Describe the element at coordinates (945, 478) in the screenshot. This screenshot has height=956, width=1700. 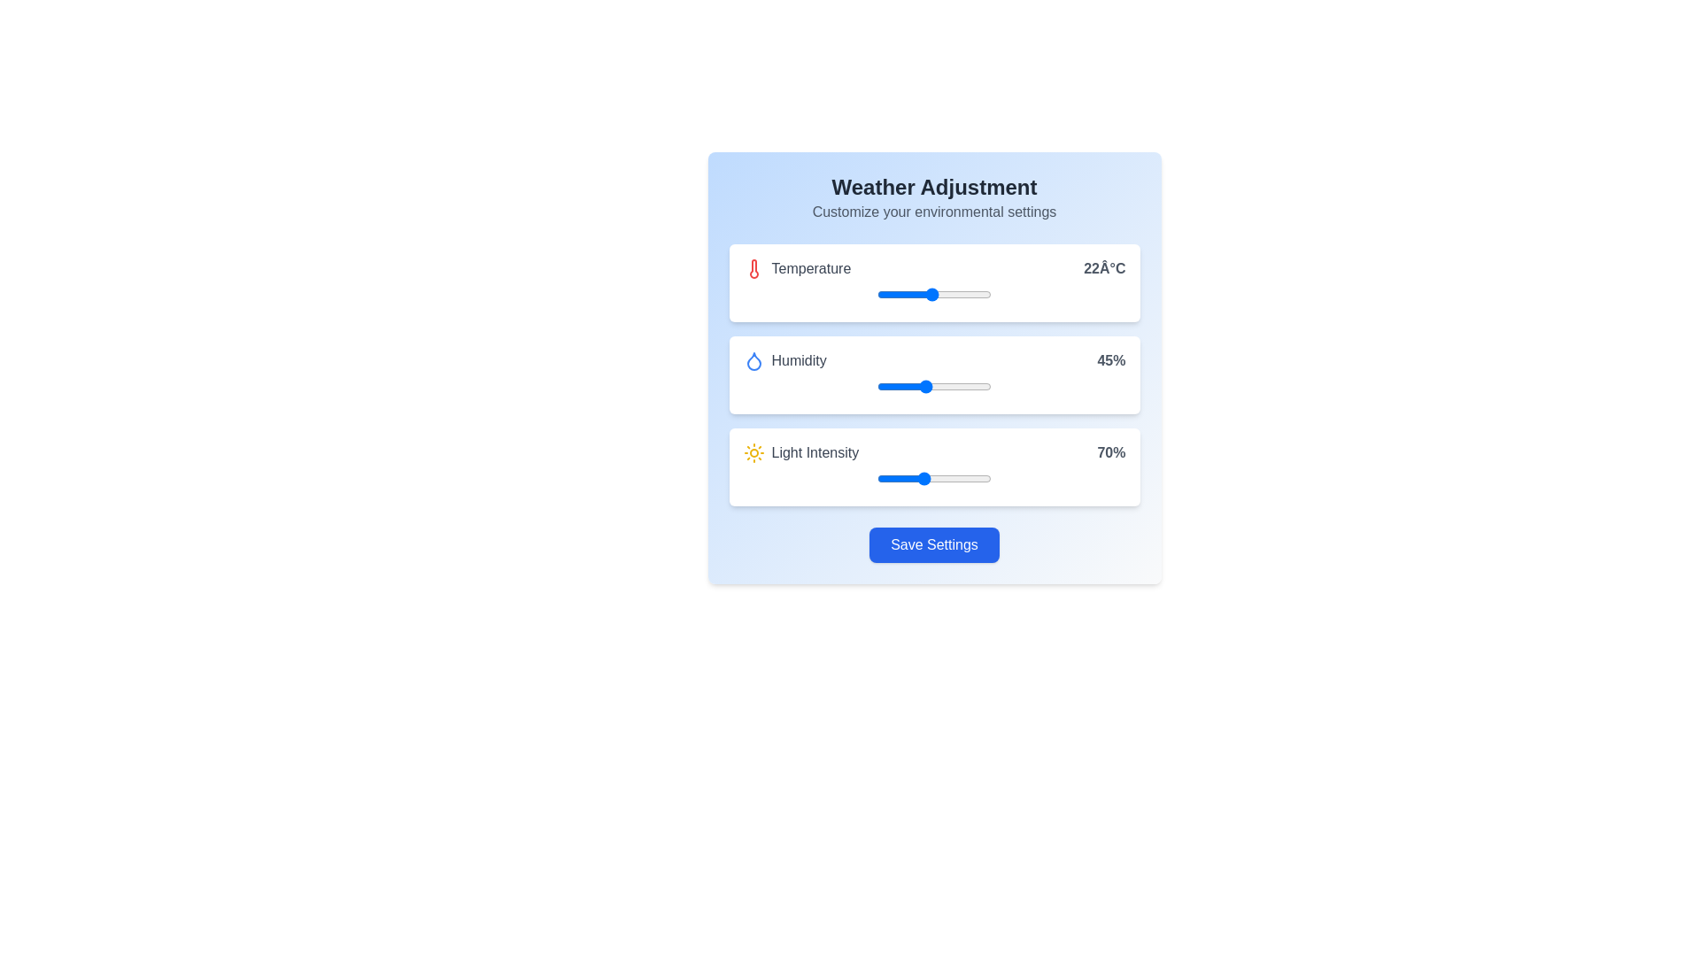
I see `the light intensity` at that location.